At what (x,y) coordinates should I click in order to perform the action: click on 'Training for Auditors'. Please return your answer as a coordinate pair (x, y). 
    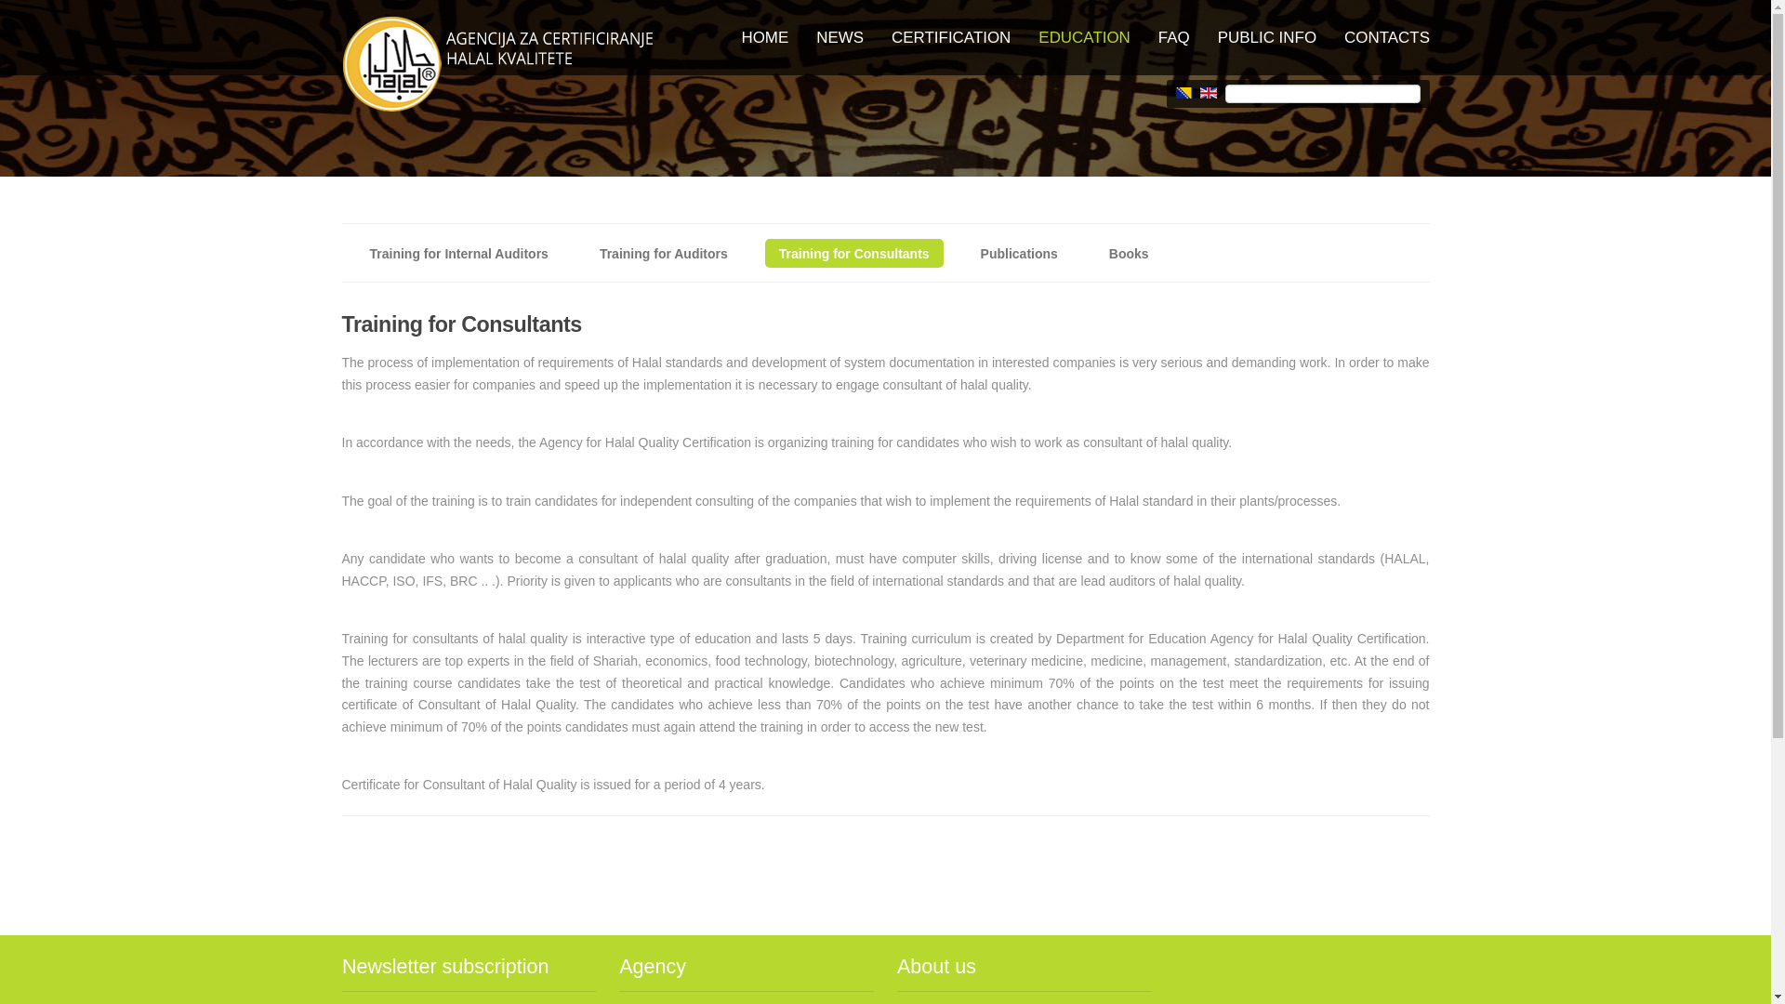
    Looking at the image, I should click on (584, 252).